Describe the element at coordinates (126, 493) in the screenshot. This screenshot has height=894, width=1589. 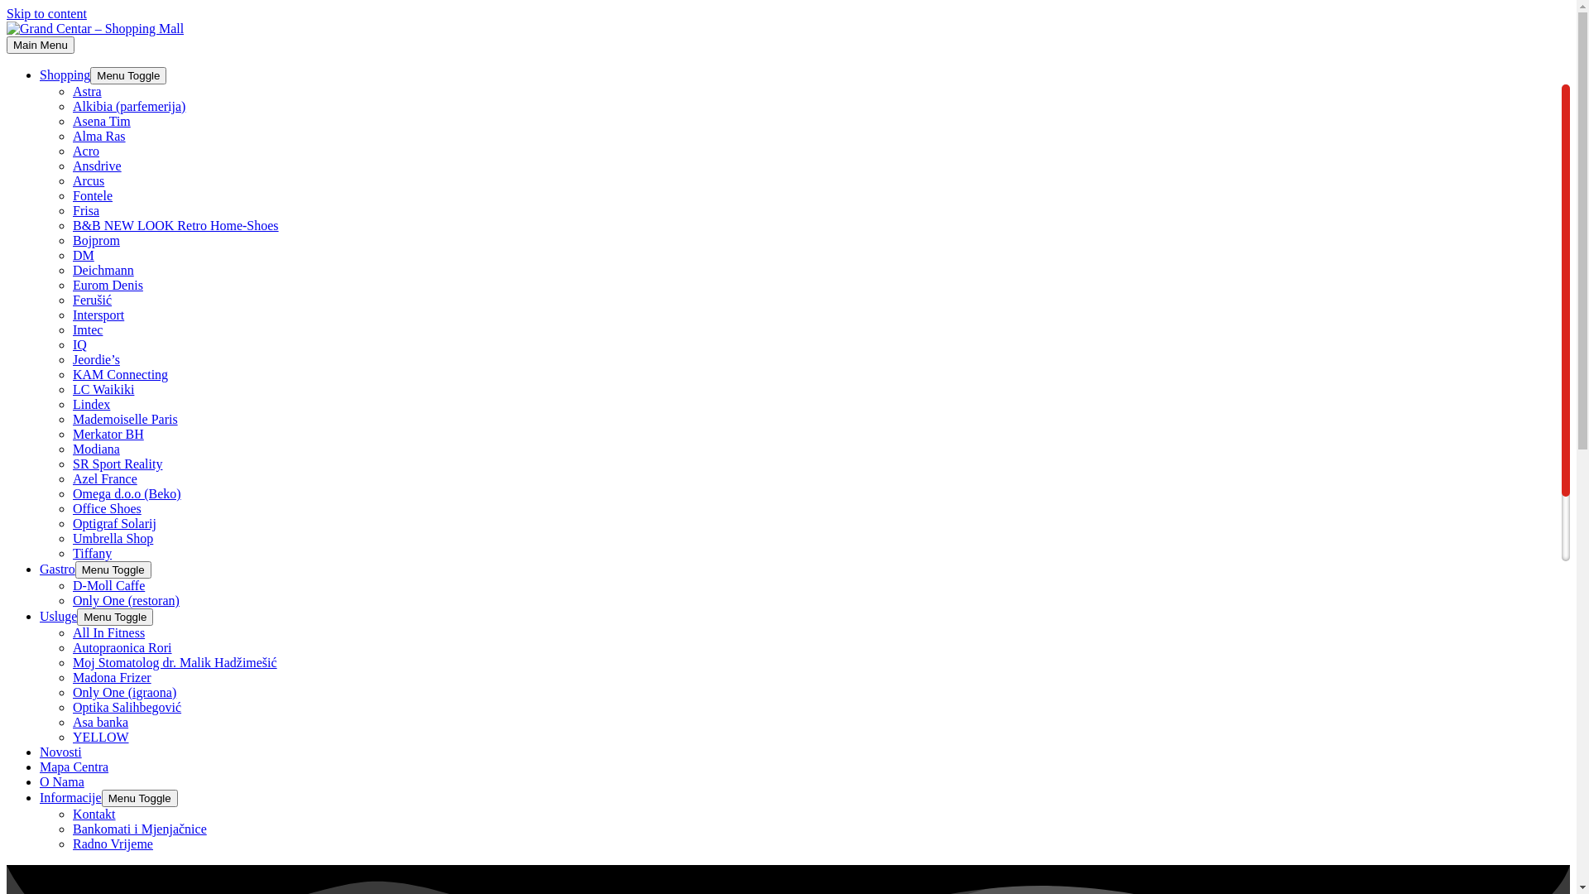
I see `'Omega d.o.o (Beko)'` at that location.